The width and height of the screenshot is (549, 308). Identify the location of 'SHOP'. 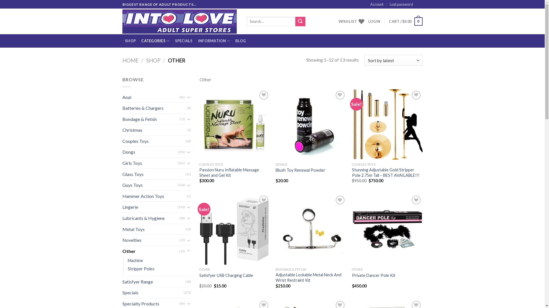
(153, 60).